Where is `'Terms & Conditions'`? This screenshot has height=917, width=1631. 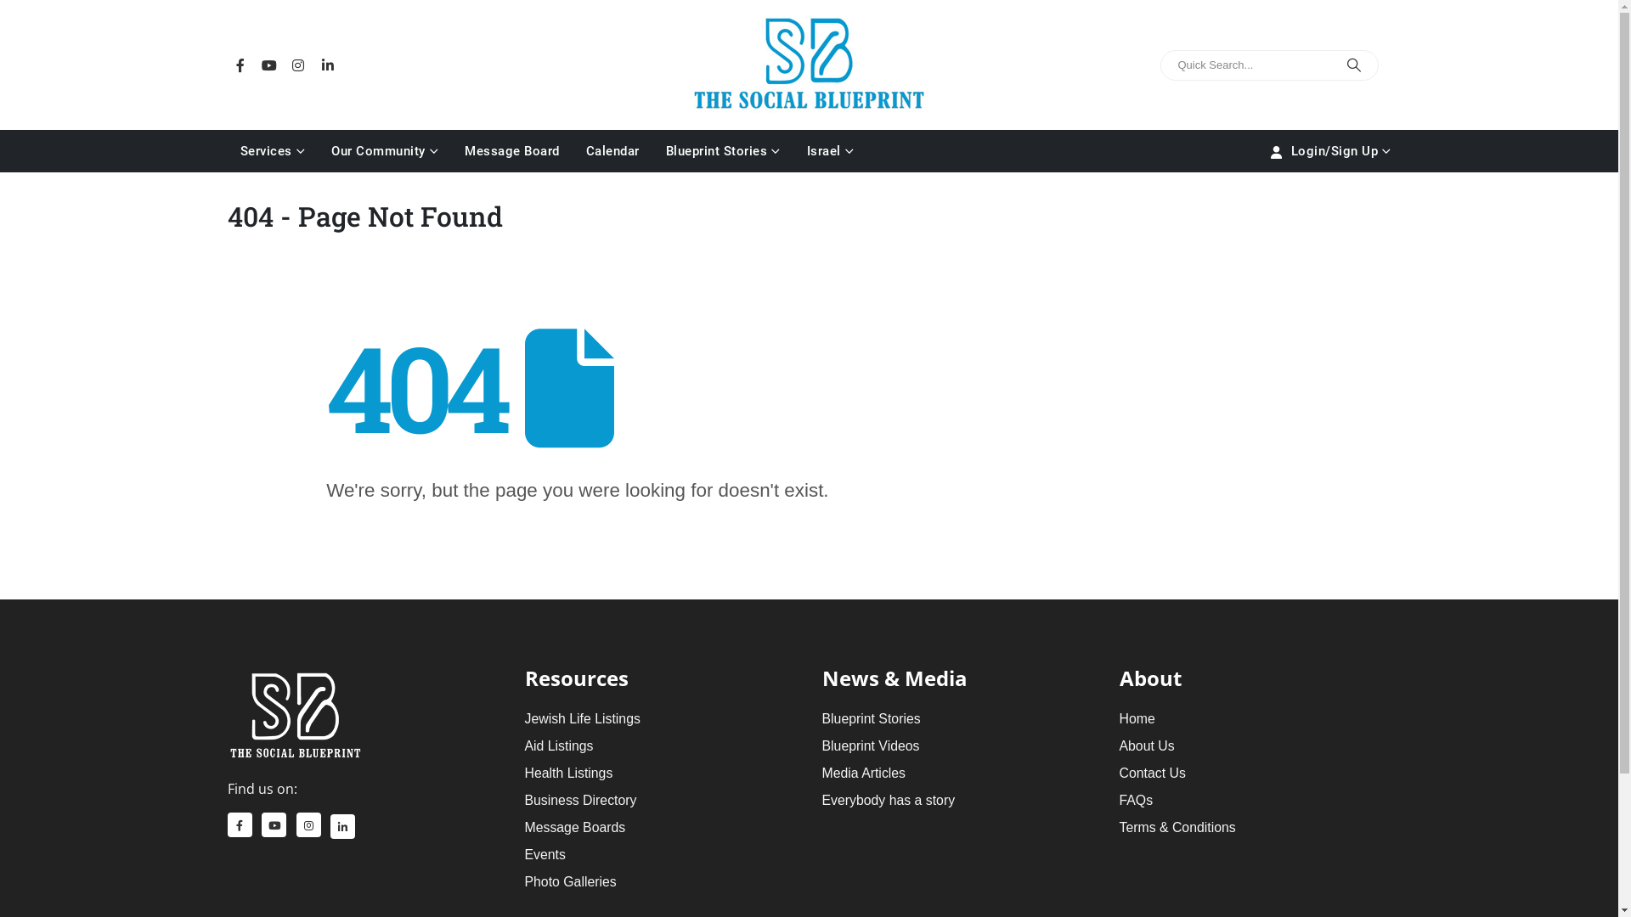 'Terms & Conditions' is located at coordinates (1177, 826).